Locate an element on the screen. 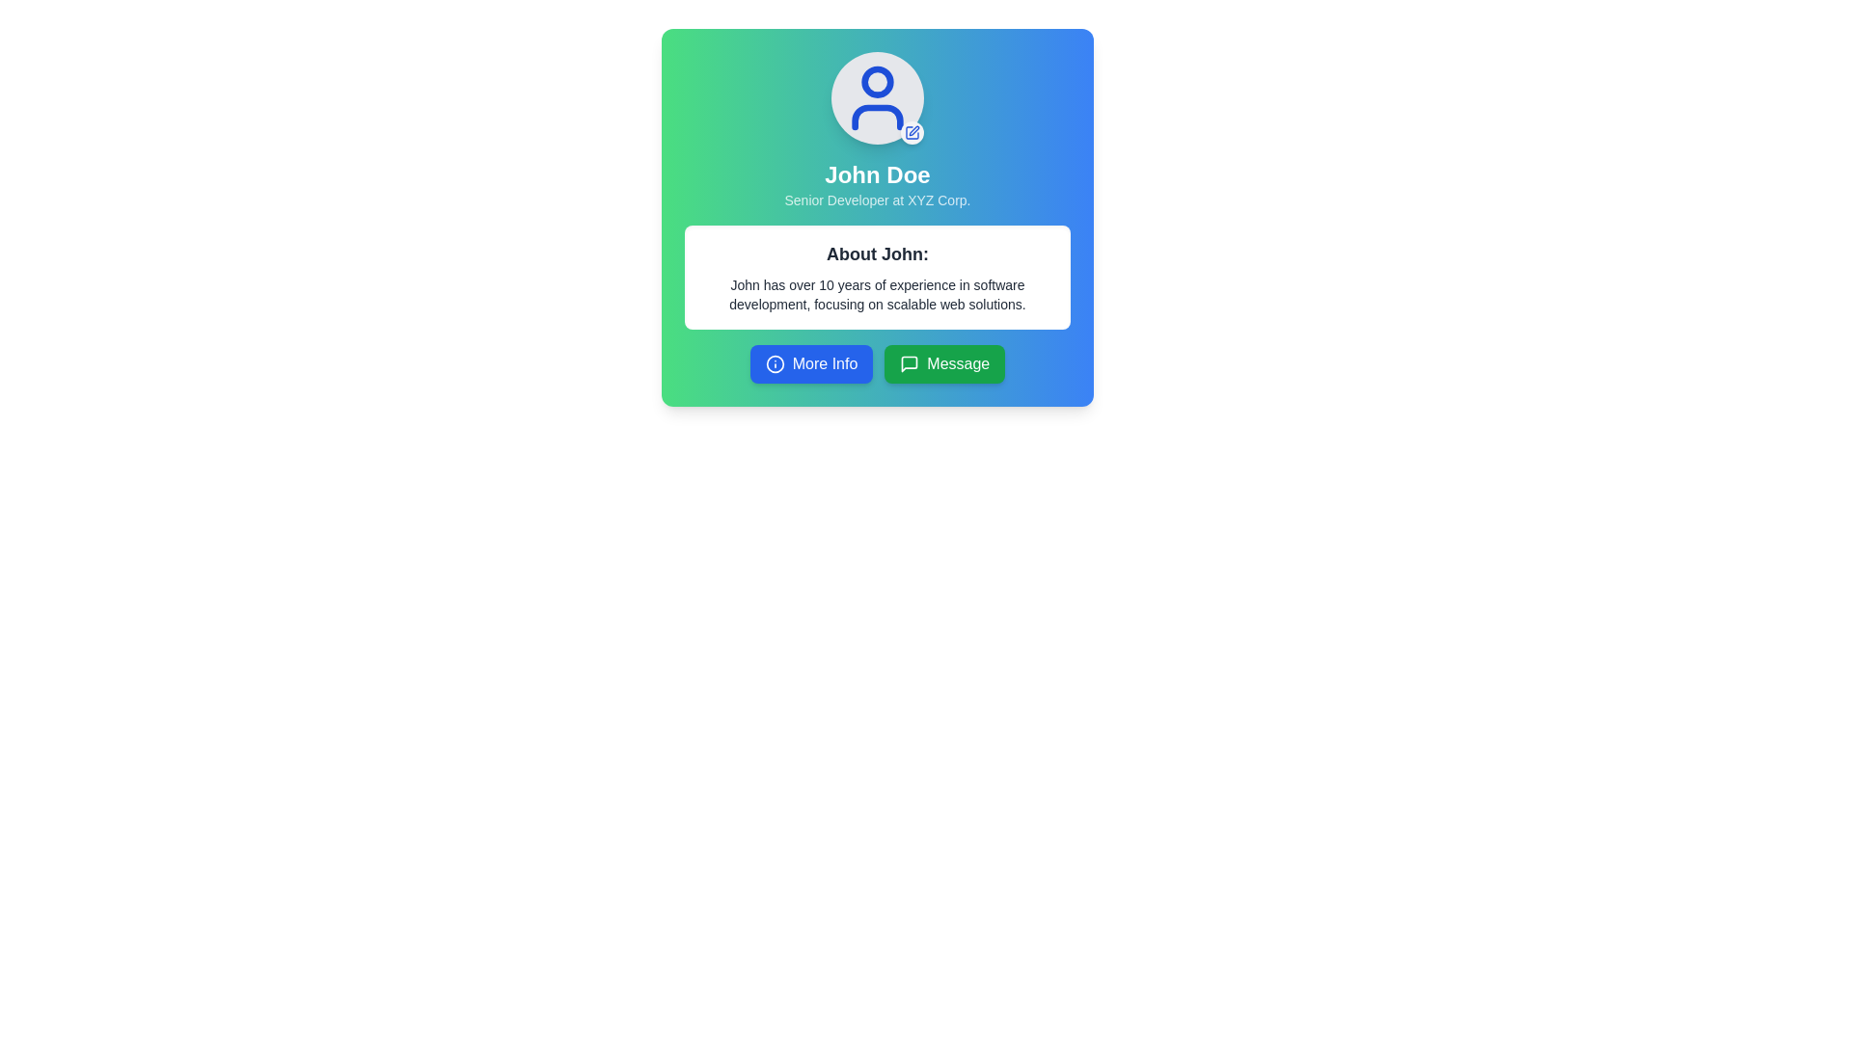  the bold text label 'About John:' which is styled with a modern sans-serif font and displayed in black, located at the top of the white, rounded, shadowed content card is located at coordinates (877, 253).